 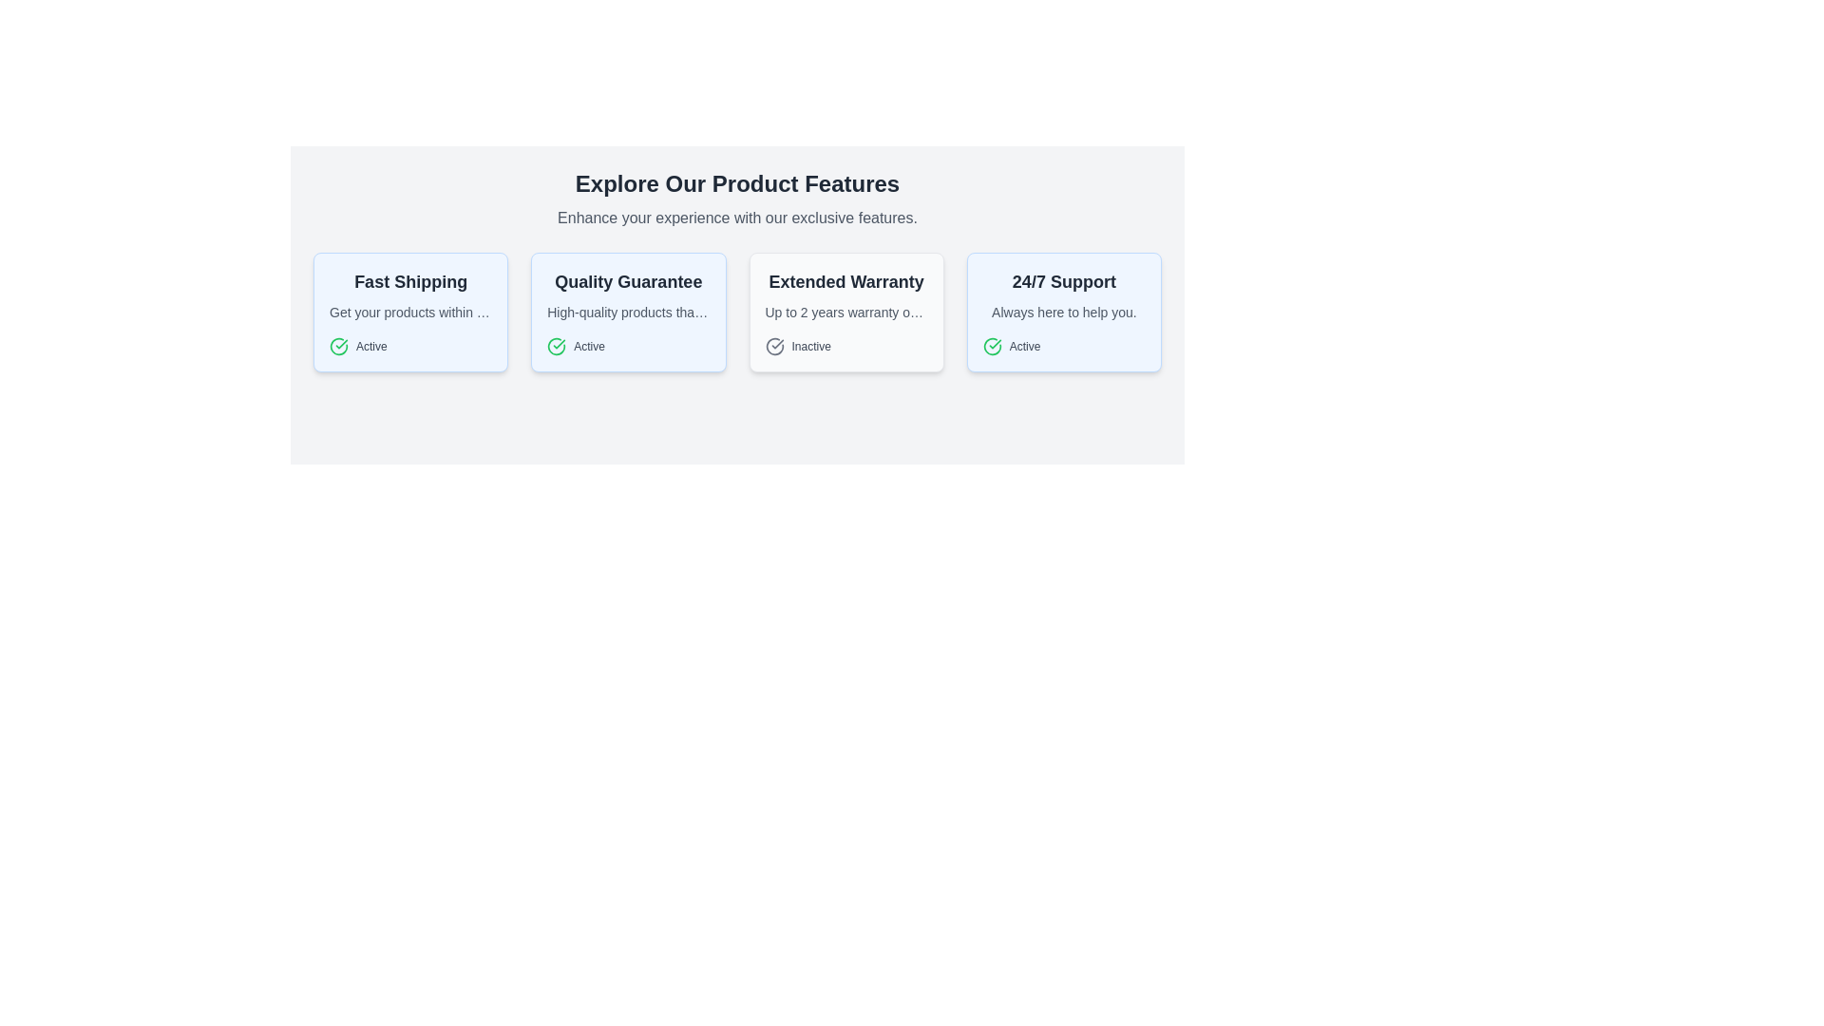 I want to click on the subtitle text located directly below the title 'Explore Our Product Features.', so click(x=736, y=218).